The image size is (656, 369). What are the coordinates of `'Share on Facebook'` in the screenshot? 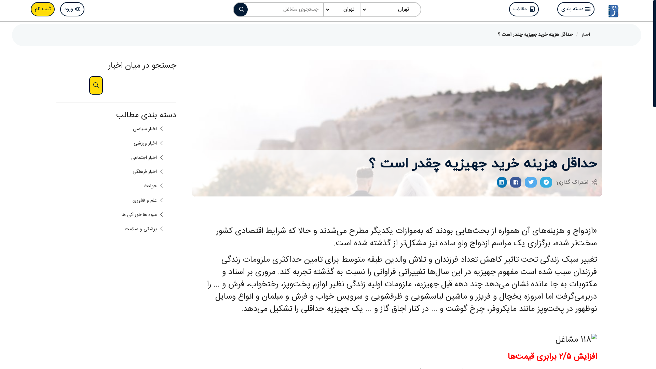 It's located at (516, 182).